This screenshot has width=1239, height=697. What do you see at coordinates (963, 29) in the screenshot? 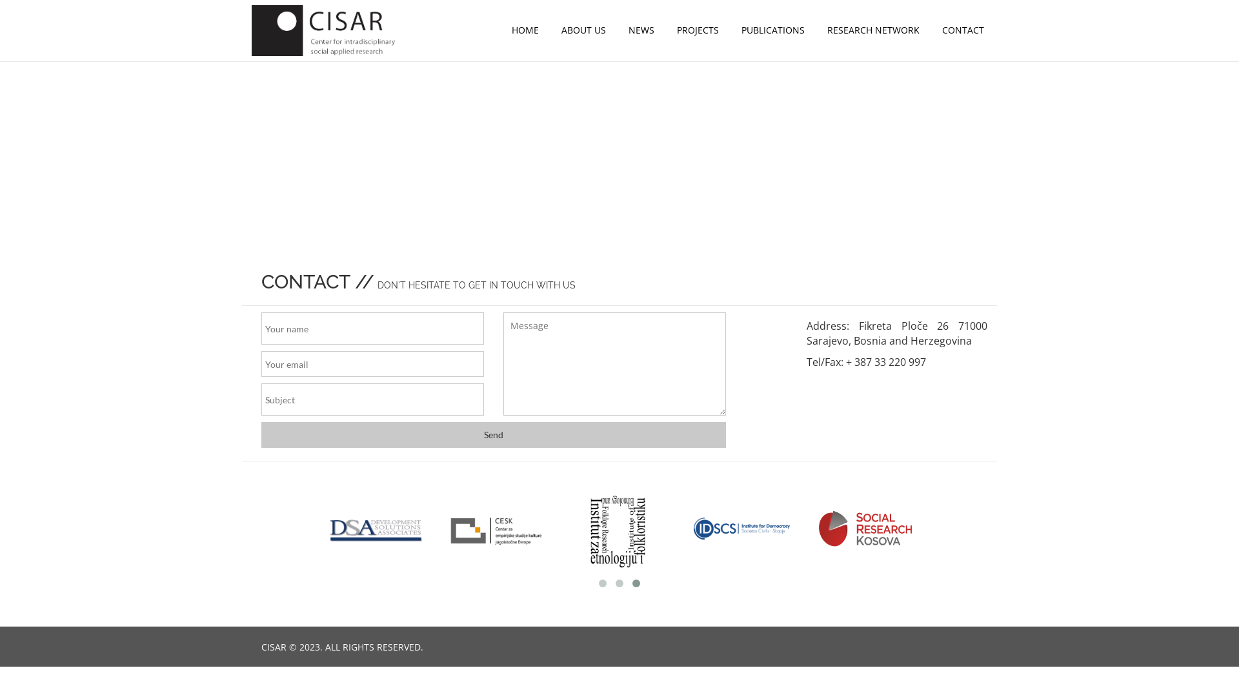
I see `'CONTACT'` at bounding box center [963, 29].